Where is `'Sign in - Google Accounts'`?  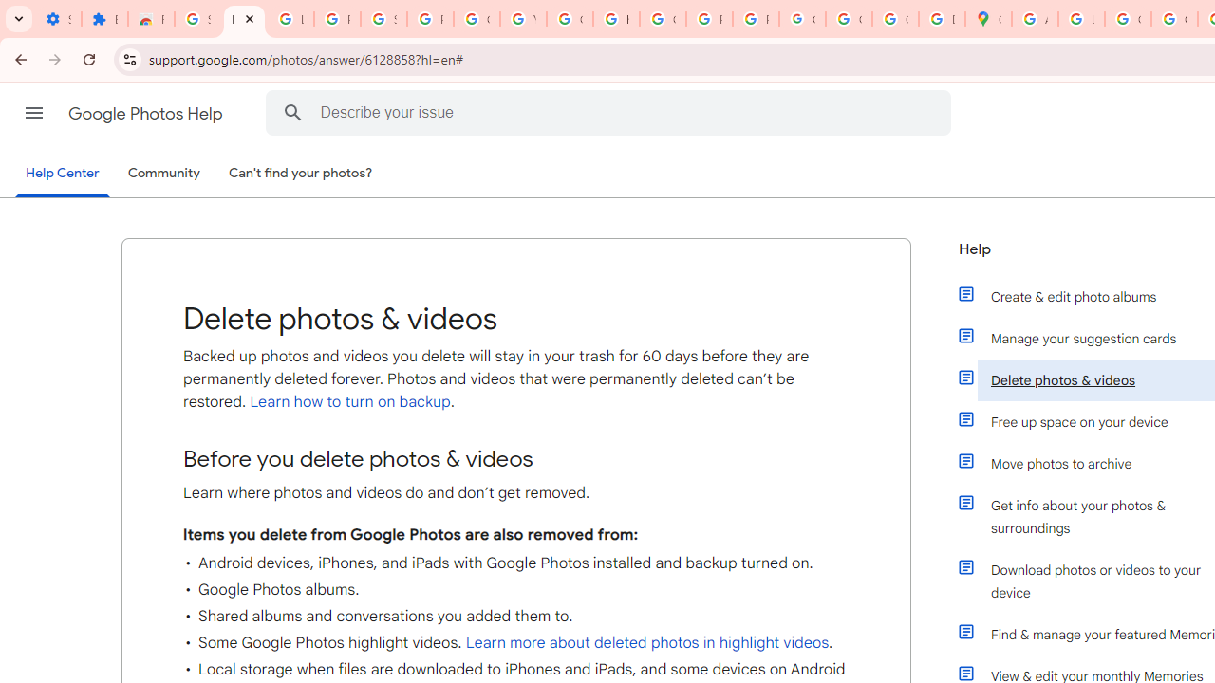 'Sign in - Google Accounts' is located at coordinates (197, 19).